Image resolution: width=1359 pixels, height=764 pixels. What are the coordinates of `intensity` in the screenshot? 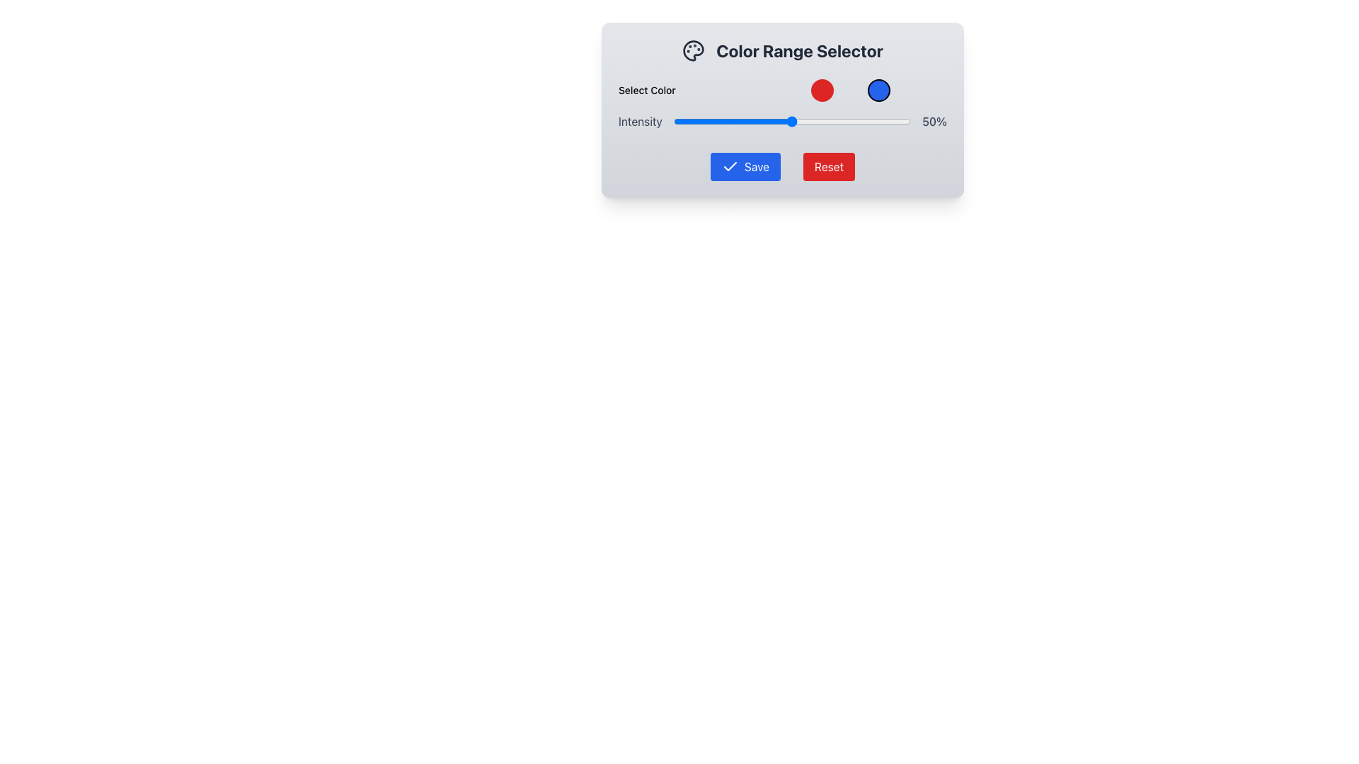 It's located at (767, 121).